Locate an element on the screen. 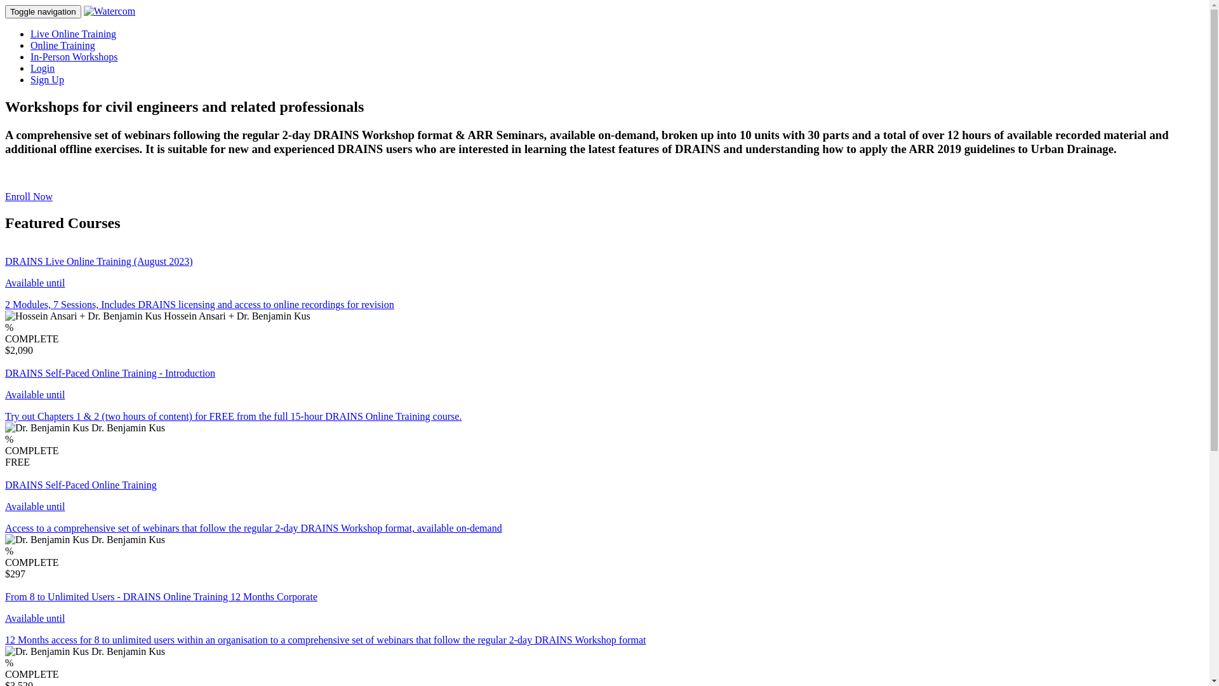  'Toggle navigation' is located at coordinates (43, 11).